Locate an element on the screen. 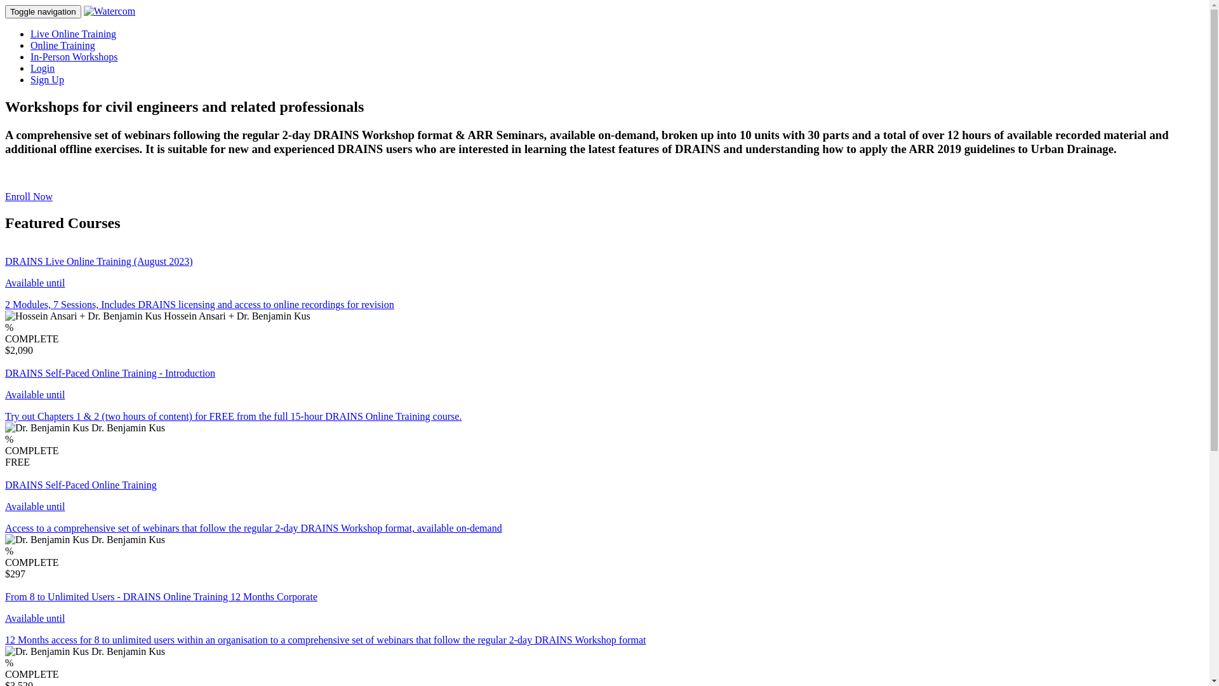  'Toggle navigation' is located at coordinates (43, 11).